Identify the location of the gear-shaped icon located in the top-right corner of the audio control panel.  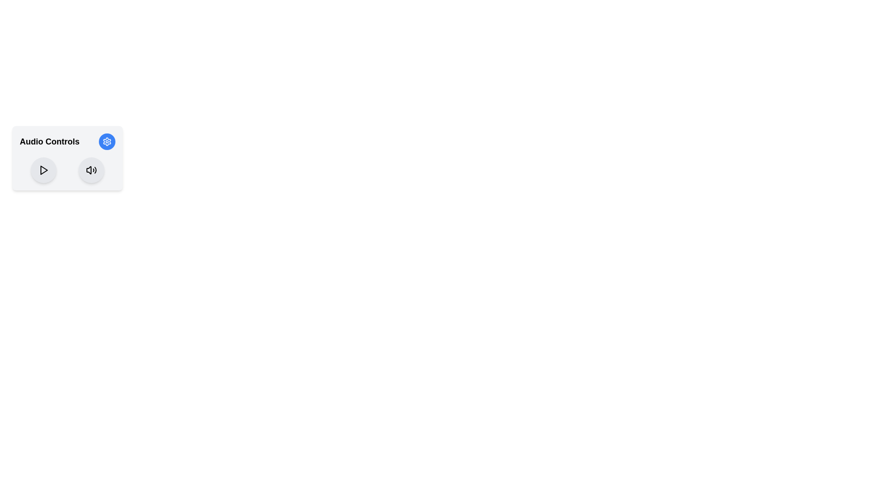
(107, 142).